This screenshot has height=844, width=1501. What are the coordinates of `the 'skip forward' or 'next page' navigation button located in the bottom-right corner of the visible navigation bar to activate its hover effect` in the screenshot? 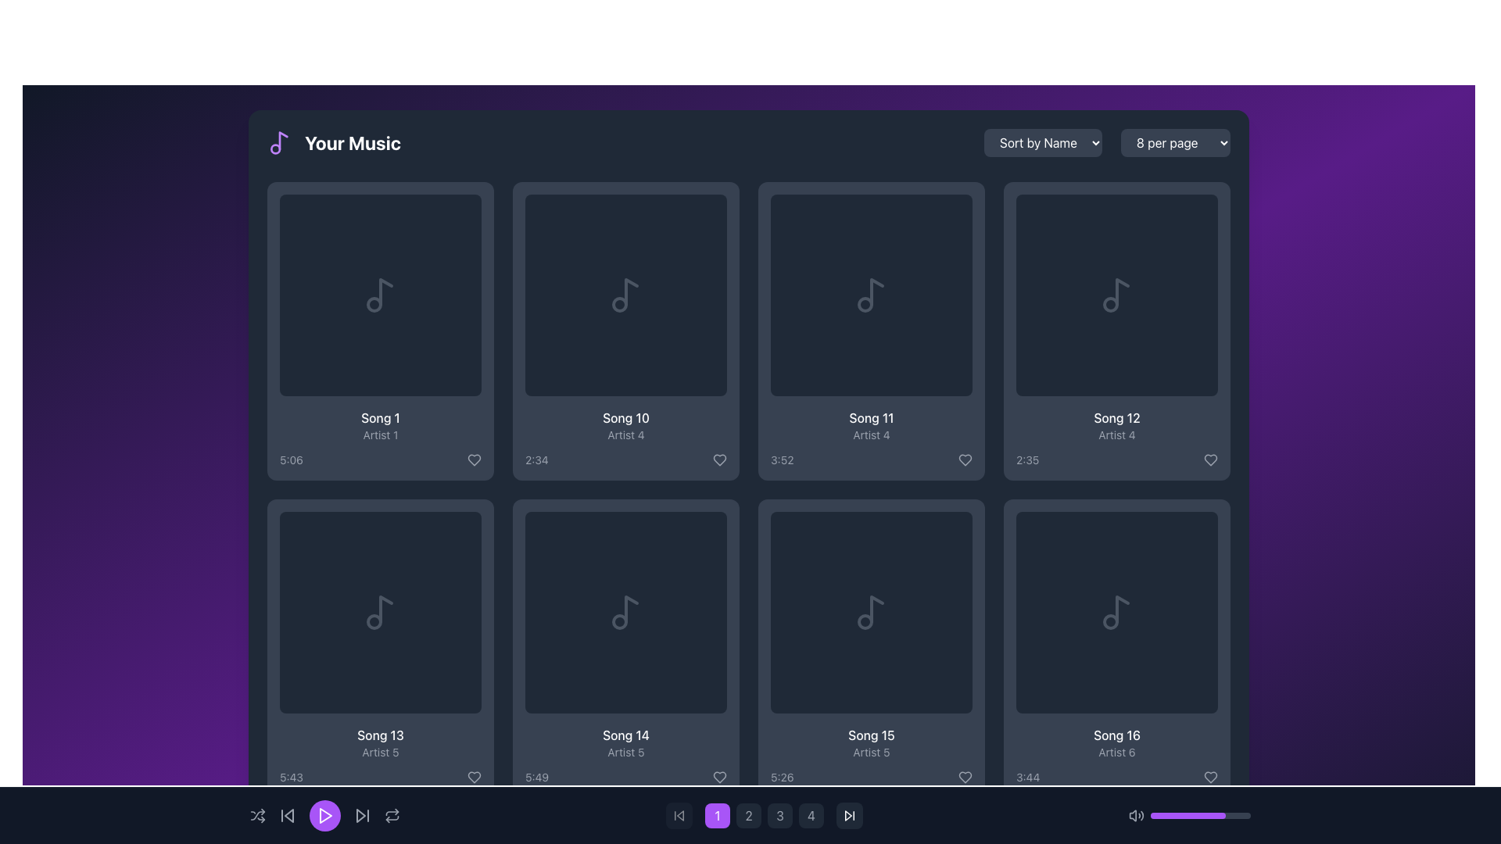 It's located at (848, 815).